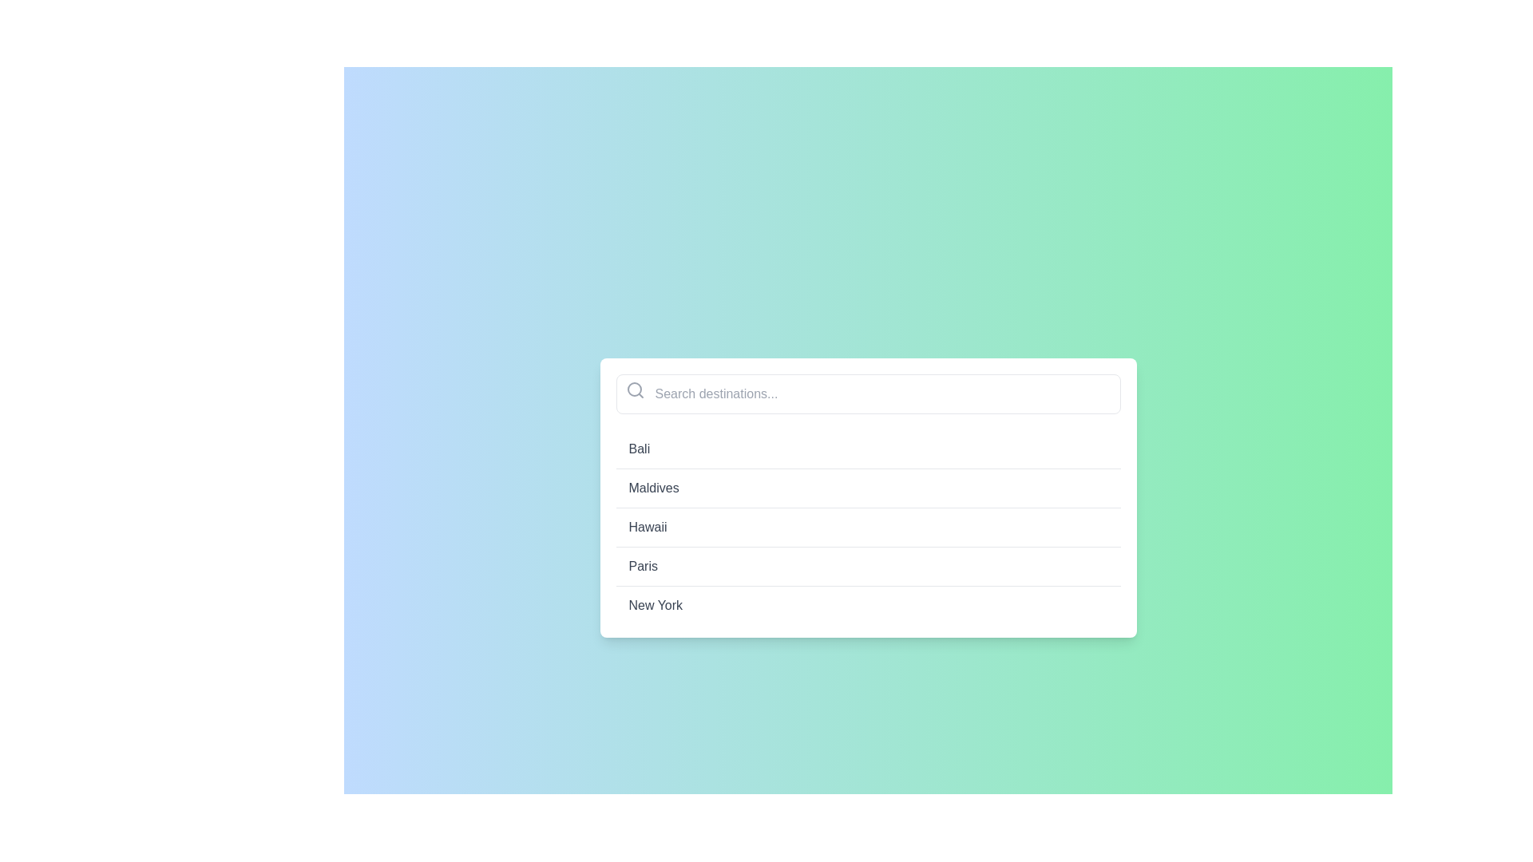 The height and width of the screenshot is (862, 1533). I want to click on the ListItem displaying the word 'Paris', which is the fourth item in the list, styled with medium font weight and gray color, so click(867, 565).